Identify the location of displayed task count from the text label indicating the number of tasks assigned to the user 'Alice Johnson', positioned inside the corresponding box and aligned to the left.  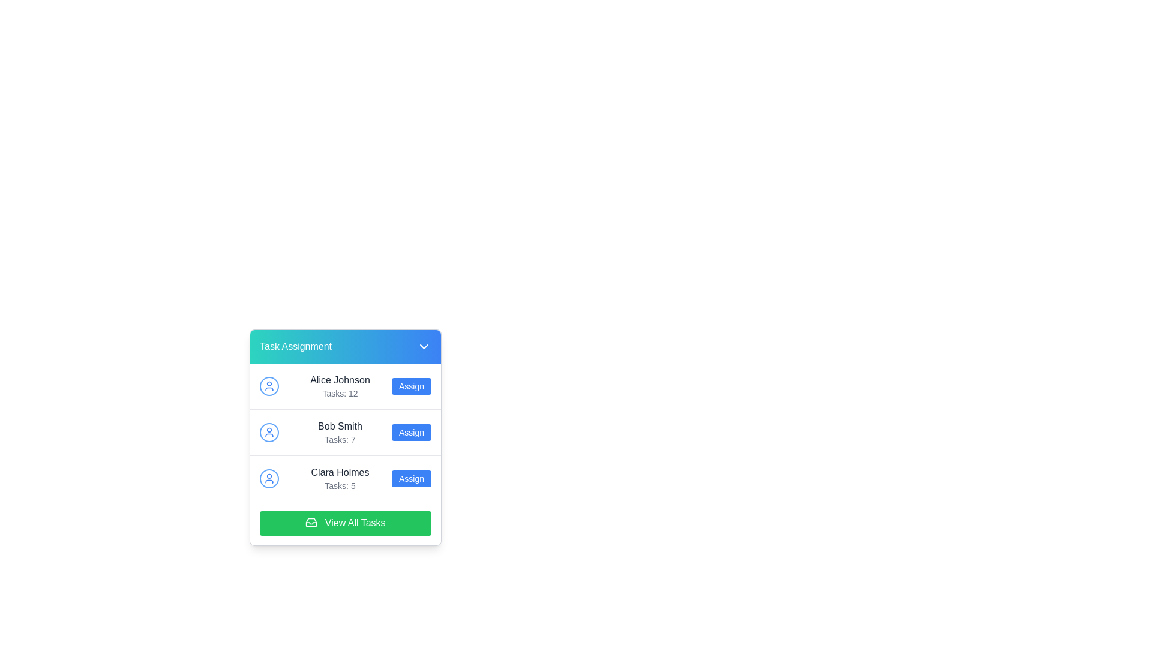
(339, 393).